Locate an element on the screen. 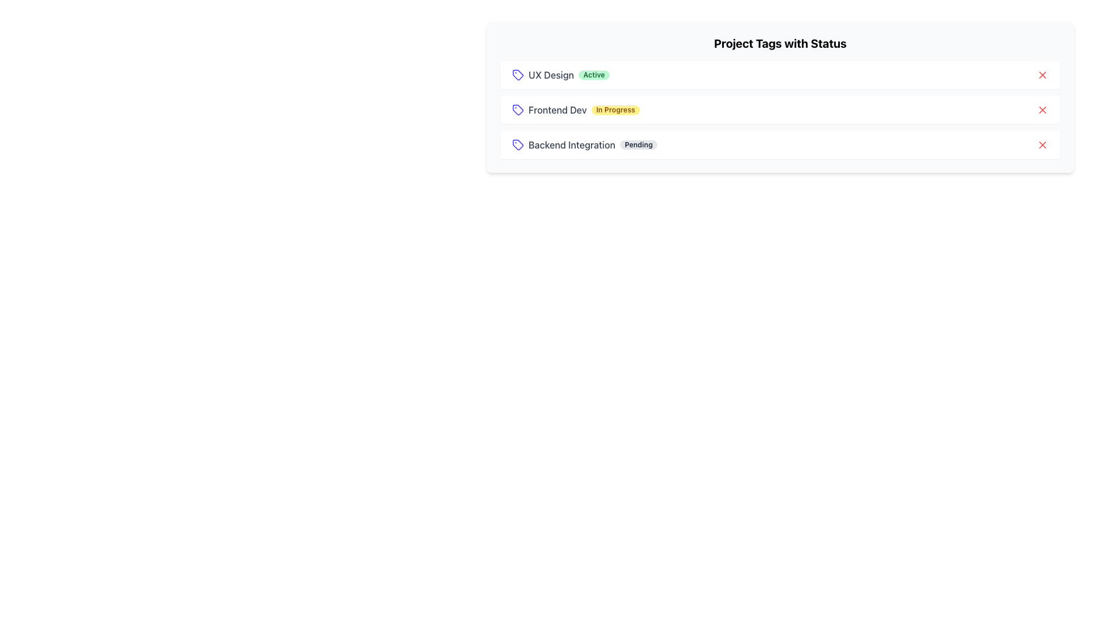 This screenshot has height=629, width=1119. the label element that indicates the name or title of the task or project, which is the second item in the 'Project Tags with Status' list, positioned between an icon and the status label 'In Progress' is located at coordinates (557, 110).